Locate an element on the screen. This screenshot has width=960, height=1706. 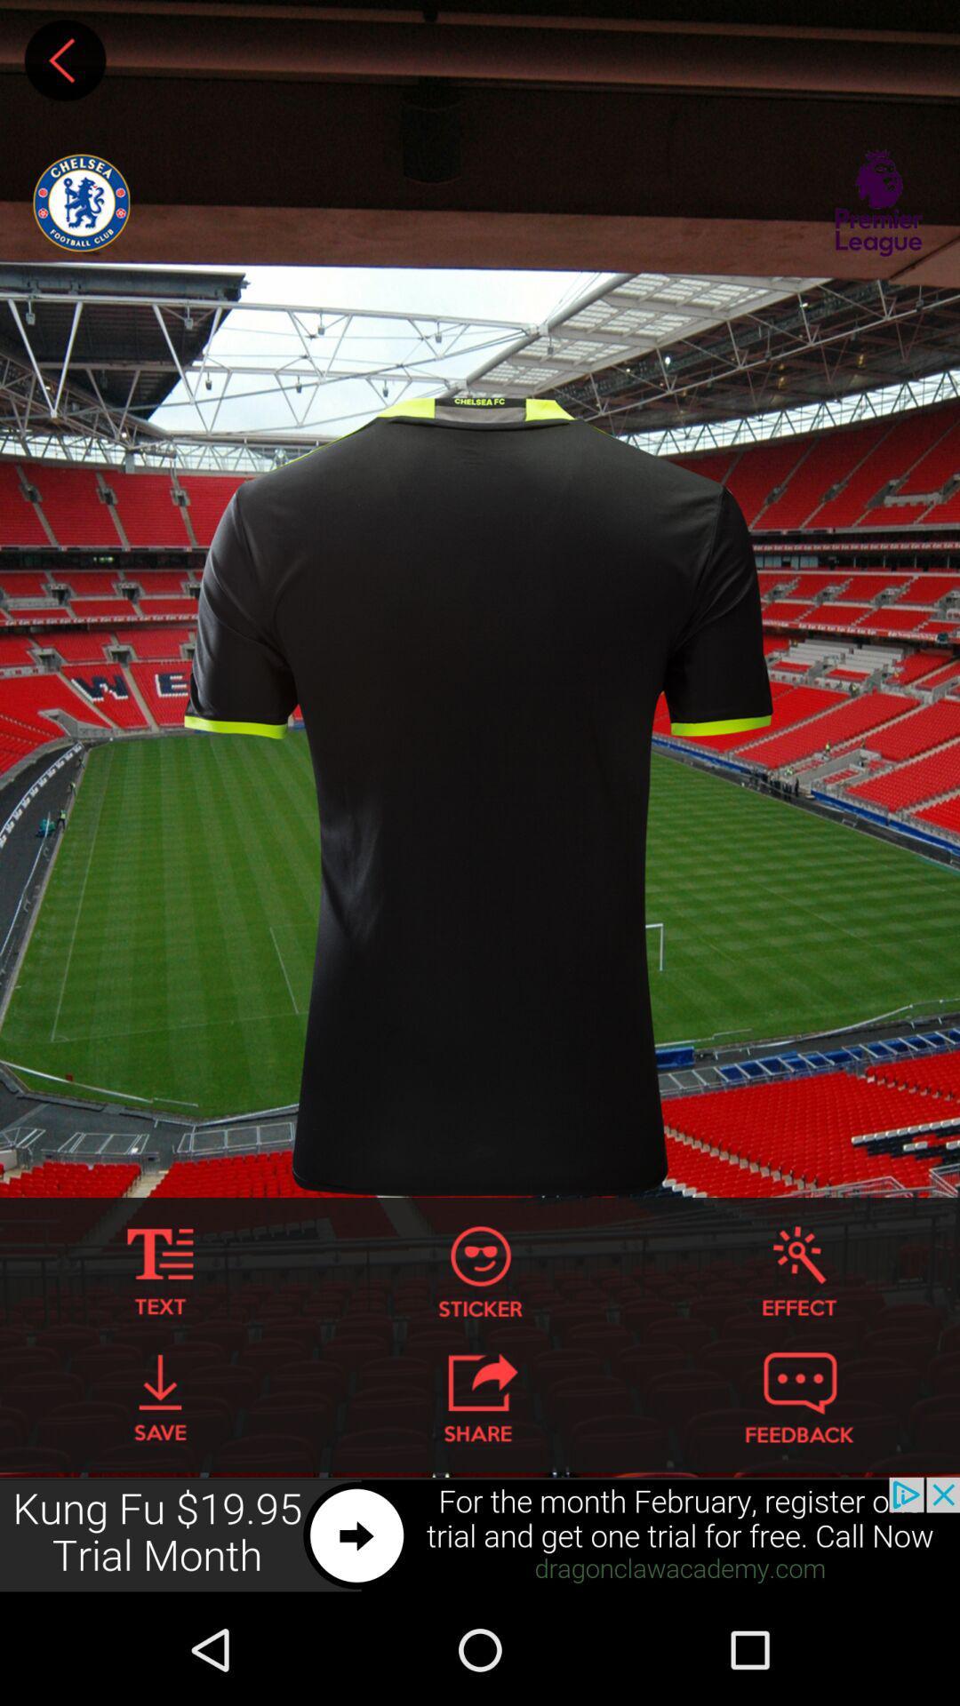
input text is located at coordinates (160, 1271).